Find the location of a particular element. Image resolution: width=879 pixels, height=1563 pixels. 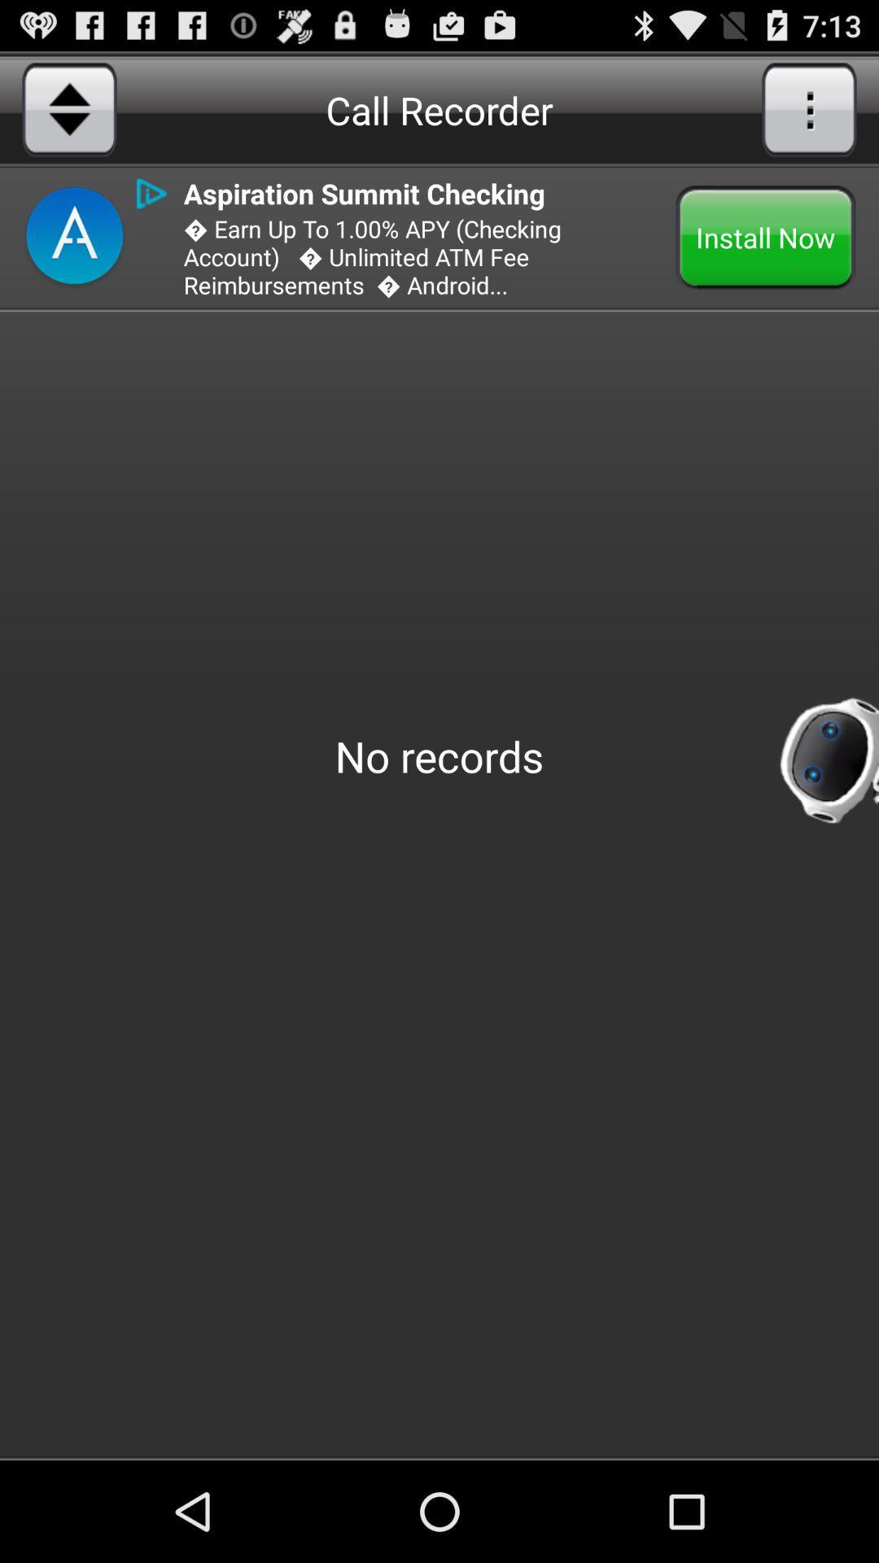

the more icon is located at coordinates (809, 116).